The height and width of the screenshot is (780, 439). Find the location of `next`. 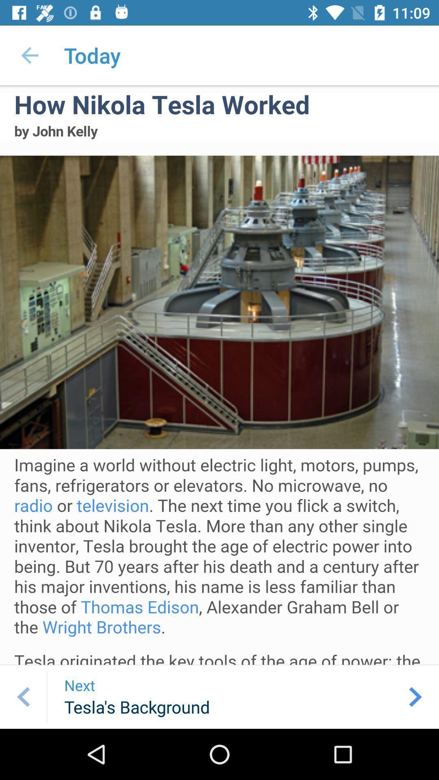

next is located at coordinates (415, 696).